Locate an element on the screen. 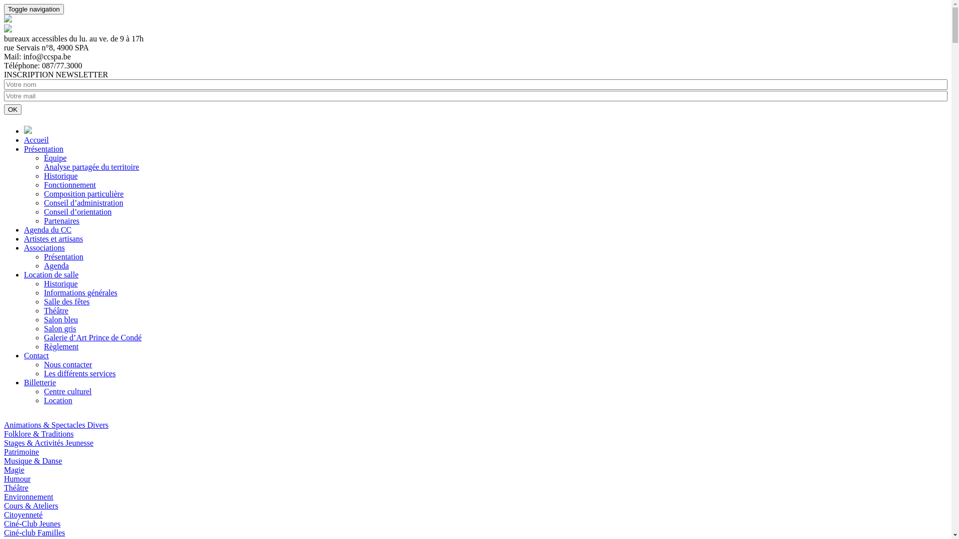 The width and height of the screenshot is (959, 539). 'Patrimoine' is located at coordinates (21, 452).